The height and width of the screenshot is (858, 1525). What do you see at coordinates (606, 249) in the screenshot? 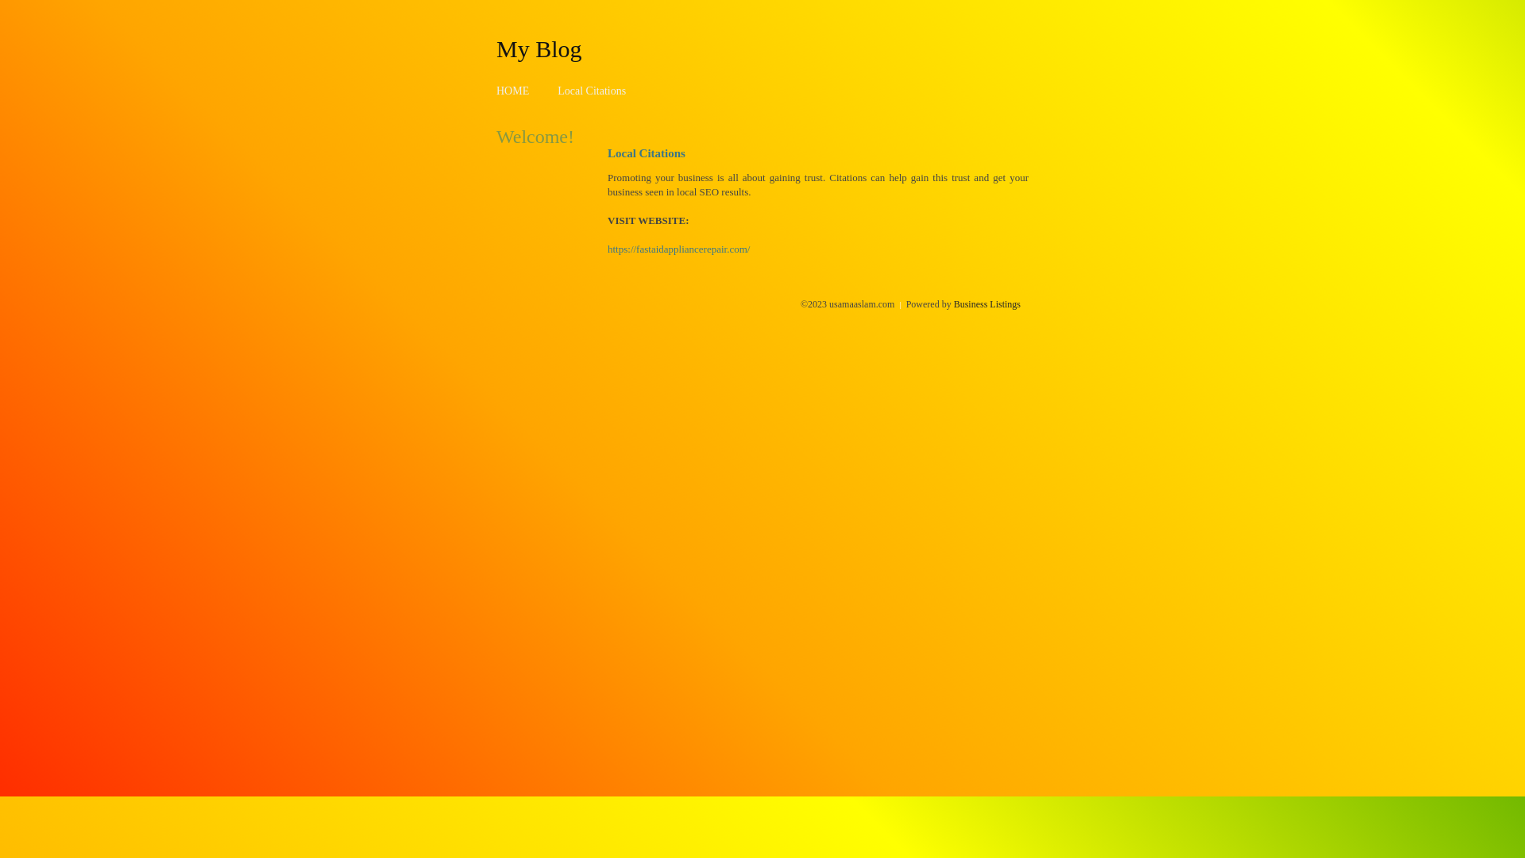
I see `'https://fastaidappliancerepair.com/'` at bounding box center [606, 249].